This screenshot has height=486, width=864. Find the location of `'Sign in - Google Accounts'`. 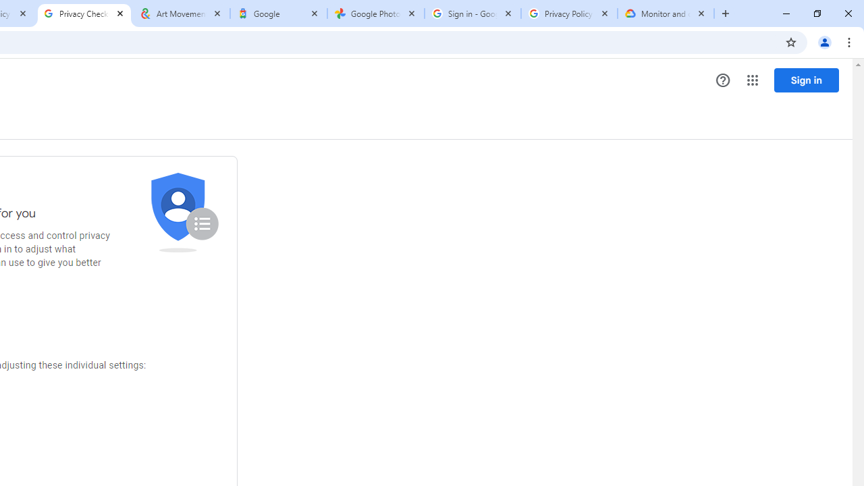

'Sign in - Google Accounts' is located at coordinates (473, 13).